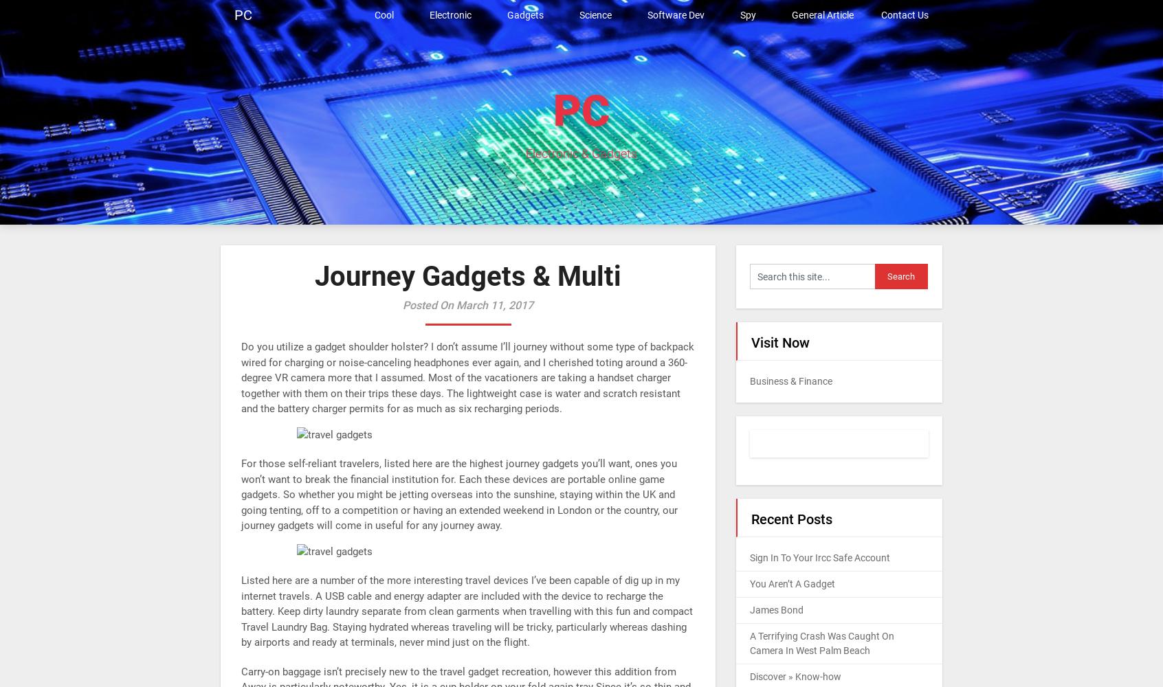  I want to click on 'PC', so click(553, 111).